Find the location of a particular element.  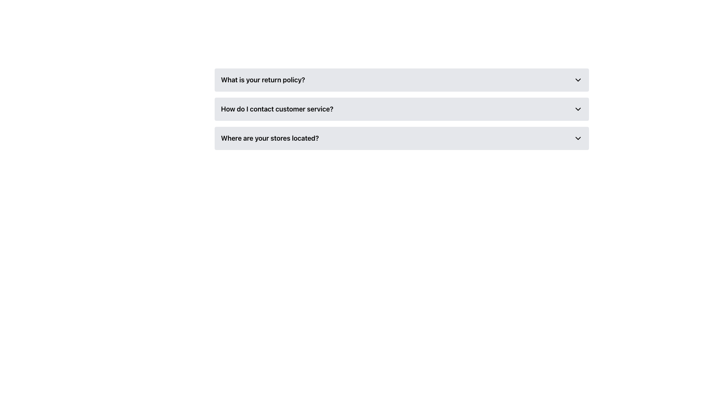

the text label that serves as the header for the collapsible section regarding the return policy, located adjacent to a chevron-down icon is located at coordinates (263, 80).